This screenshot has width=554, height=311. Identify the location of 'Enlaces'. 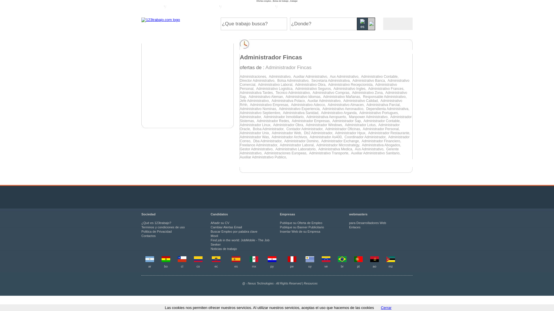
(349, 227).